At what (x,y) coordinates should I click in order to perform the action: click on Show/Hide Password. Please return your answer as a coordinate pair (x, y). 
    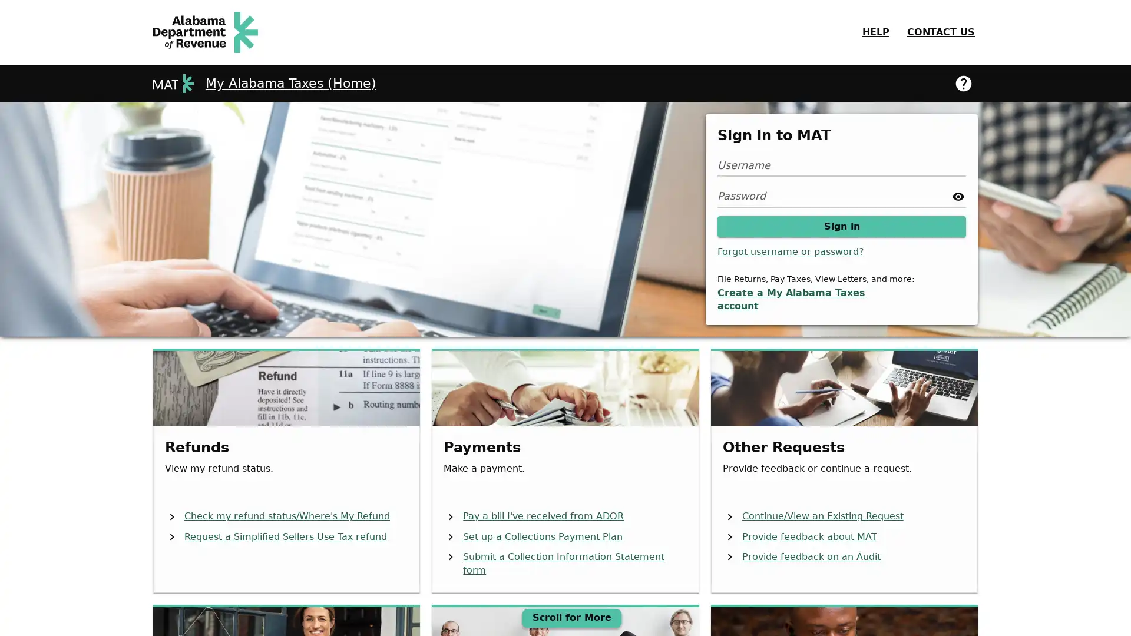
    Looking at the image, I should click on (958, 195).